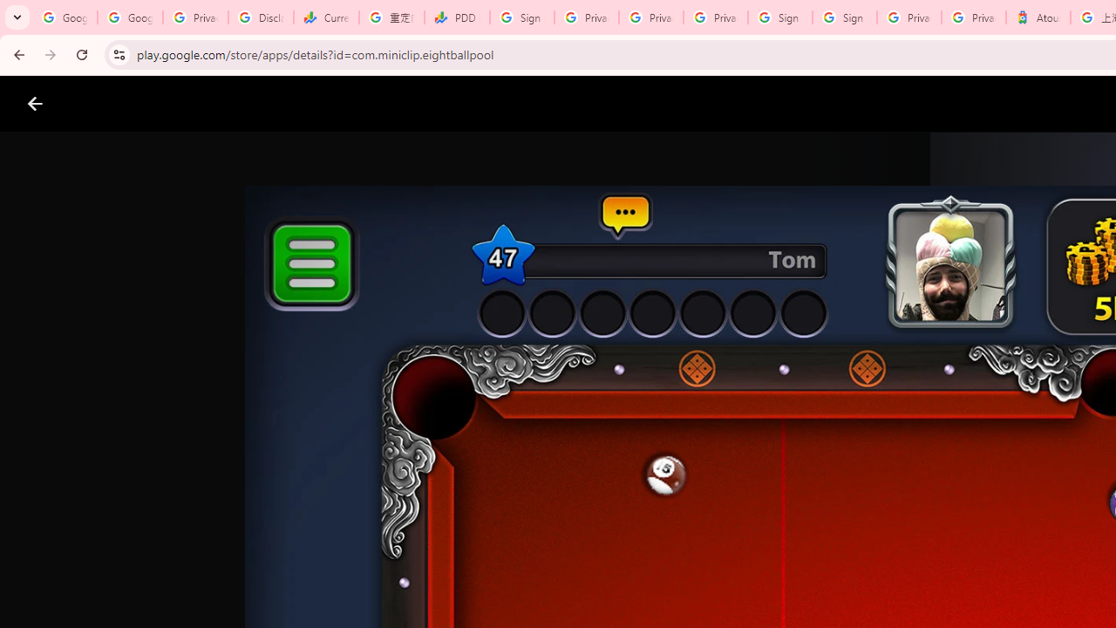  What do you see at coordinates (97, 104) in the screenshot?
I see `'Google Play logo'` at bounding box center [97, 104].